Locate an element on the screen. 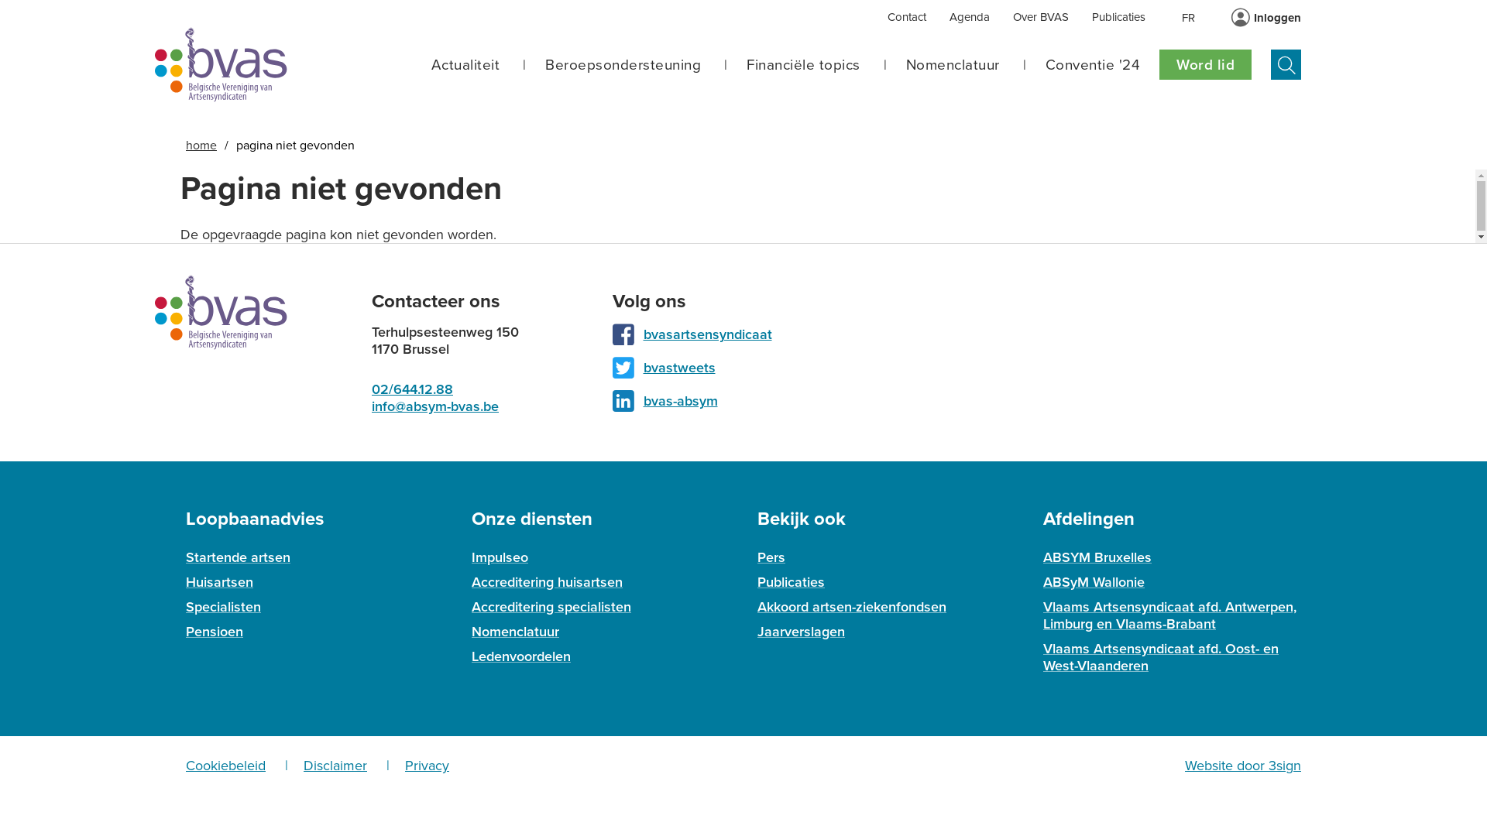 This screenshot has height=836, width=1487. 'Accreditering specialisten' is located at coordinates (551, 605).